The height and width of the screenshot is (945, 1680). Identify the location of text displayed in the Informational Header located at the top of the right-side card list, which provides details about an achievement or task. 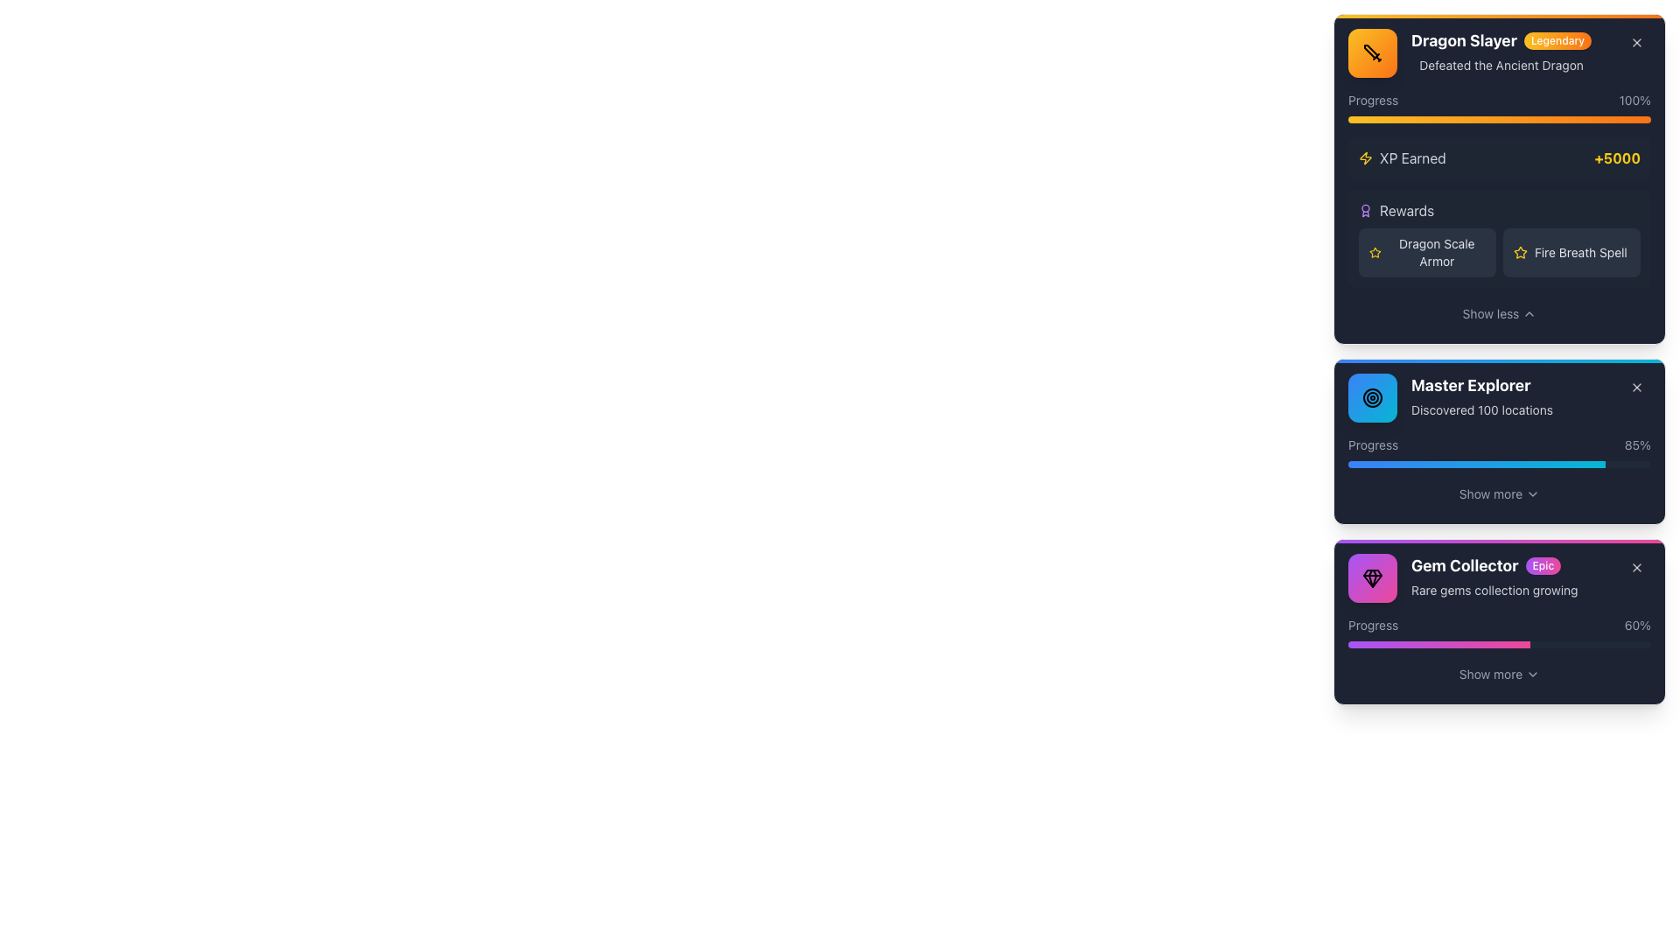
(1470, 52).